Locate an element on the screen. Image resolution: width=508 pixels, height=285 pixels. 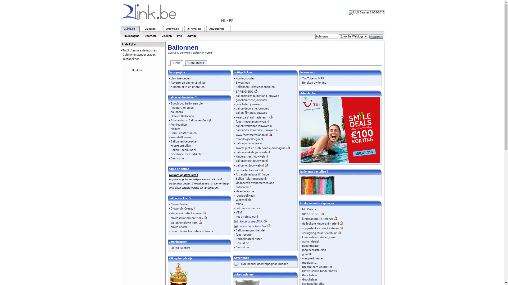
'de leukste kinderanimatie !!' is located at coordinates (320, 224).